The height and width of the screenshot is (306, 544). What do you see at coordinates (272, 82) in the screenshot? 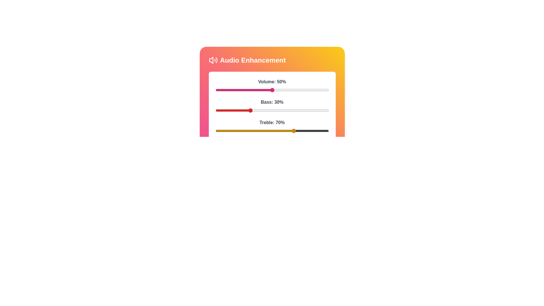
I see `text label displaying 'Volume: 50%' located above the volume slider in the 'Audio Enhancement' section to understand the current volume level` at bounding box center [272, 82].